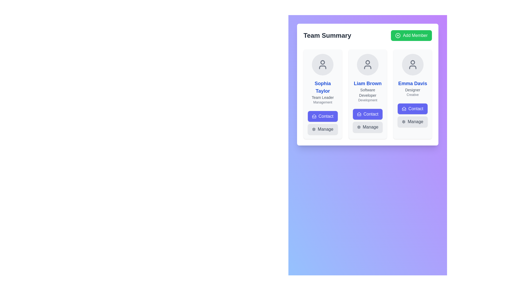  What do you see at coordinates (323, 102) in the screenshot?
I see `the 'Management' text description element associated with team member 'Sophia Taylor', which is located below 'Team Leader' and above the 'Contact' and 'Manage' buttons` at bounding box center [323, 102].